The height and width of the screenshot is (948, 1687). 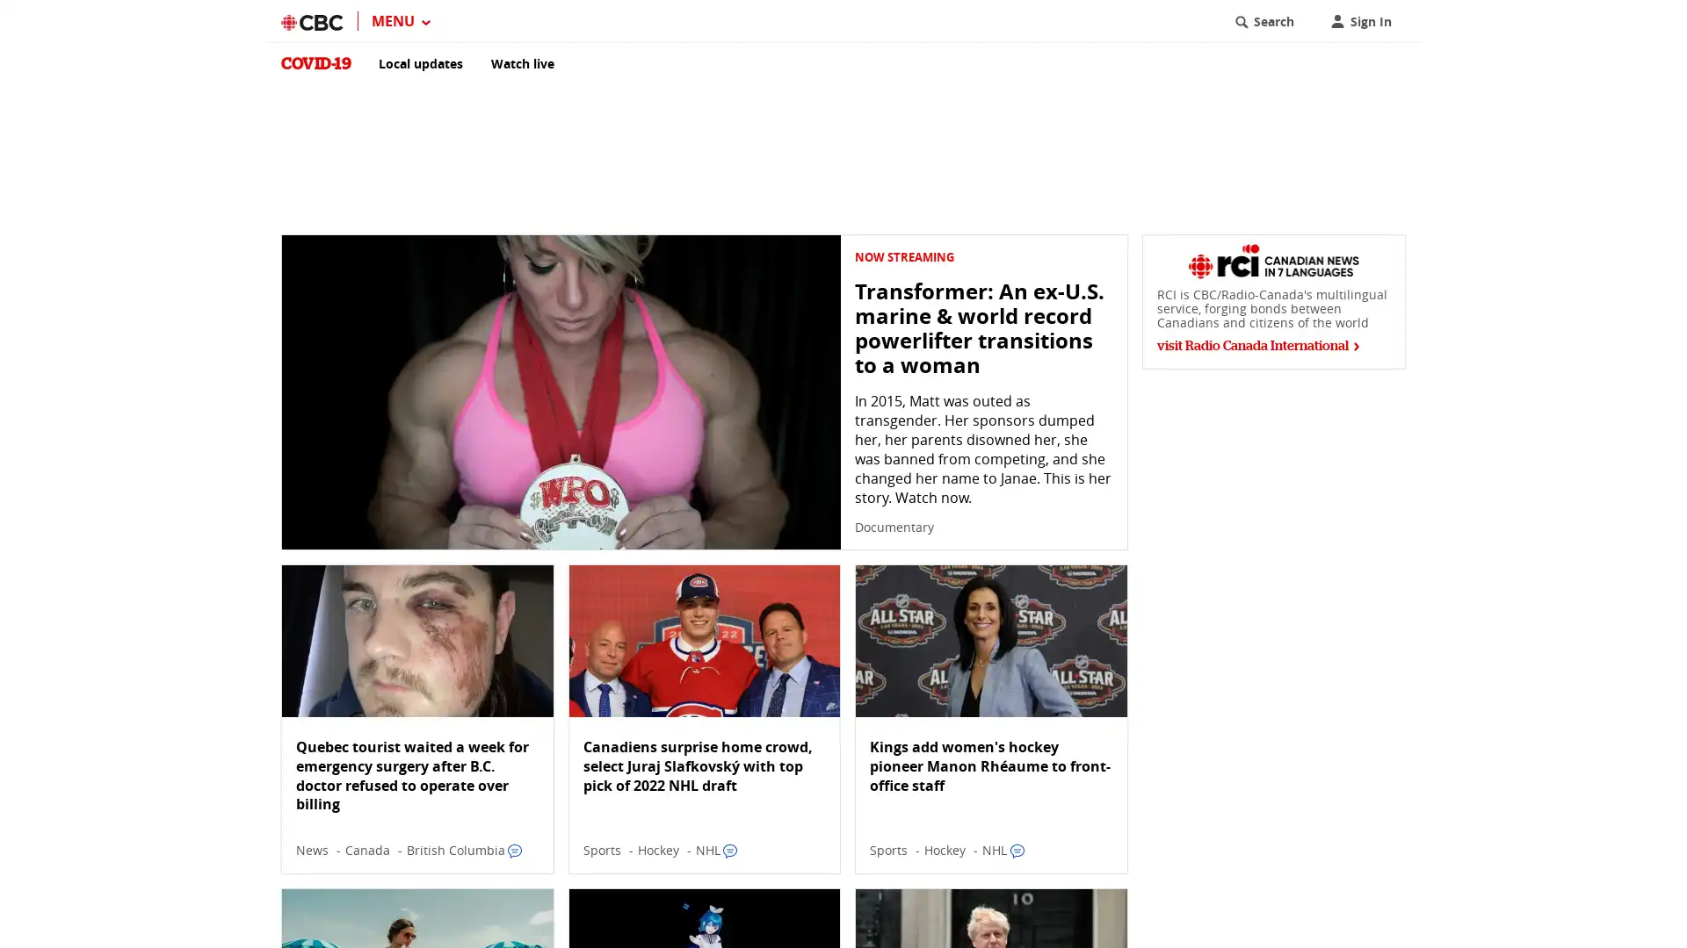 I want to click on Sign In, so click(x=1360, y=20).